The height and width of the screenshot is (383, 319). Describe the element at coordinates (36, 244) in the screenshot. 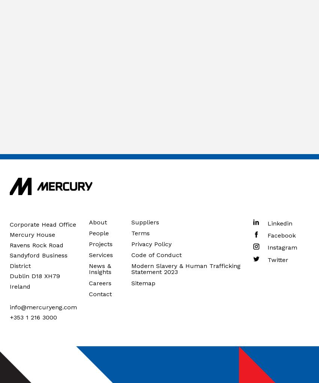

I see `'Ravens Rock Road'` at that location.